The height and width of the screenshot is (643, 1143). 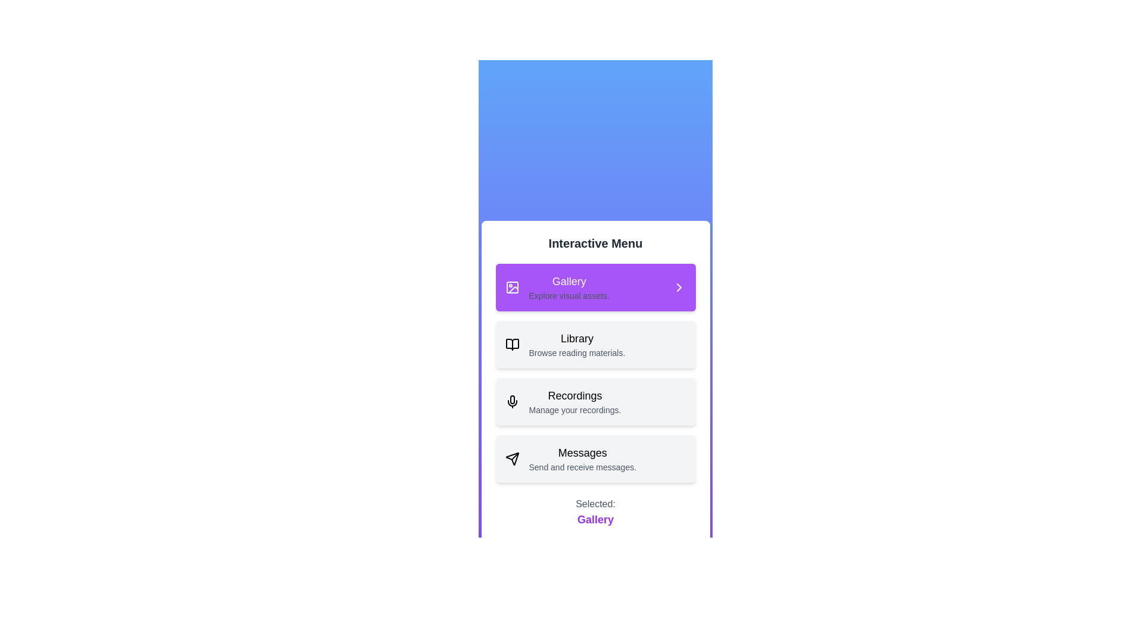 What do you see at coordinates (595, 287) in the screenshot?
I see `the menu item Gallery` at bounding box center [595, 287].